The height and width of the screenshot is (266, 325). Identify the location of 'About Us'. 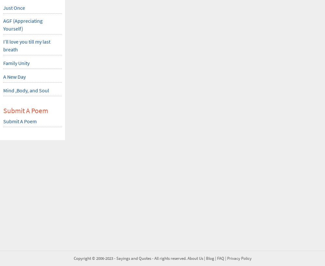
(195, 258).